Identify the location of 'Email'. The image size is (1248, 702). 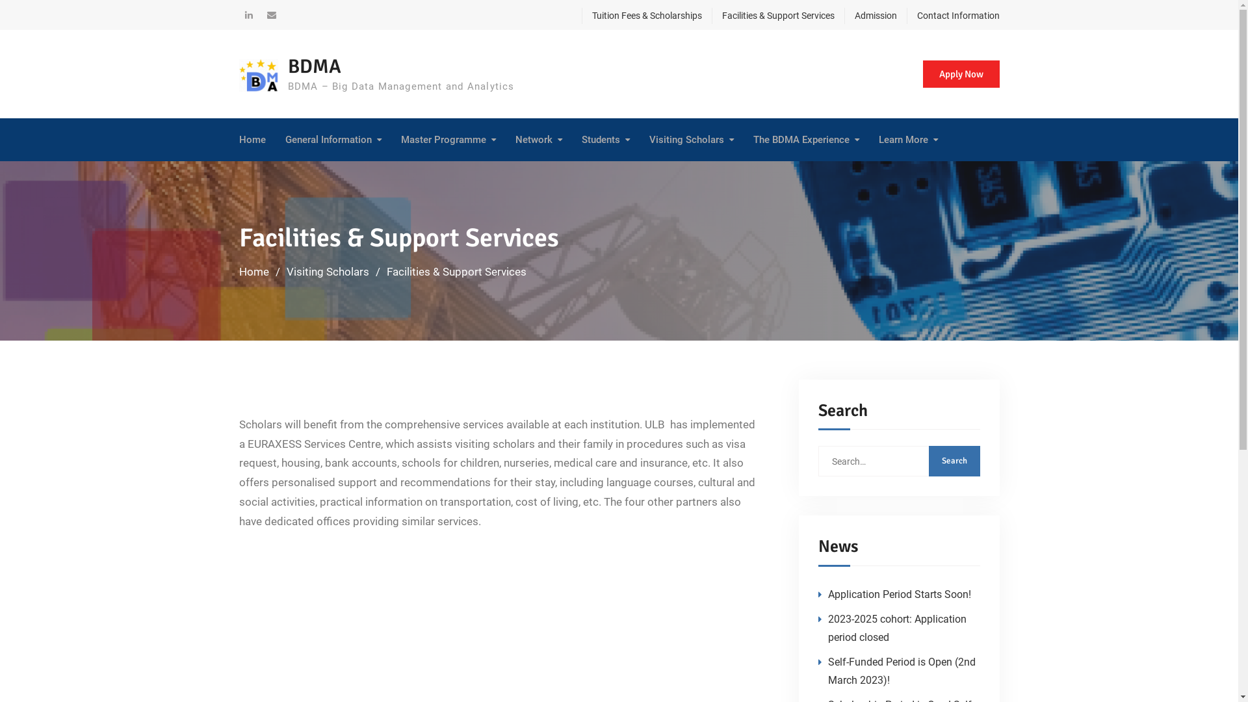
(270, 15).